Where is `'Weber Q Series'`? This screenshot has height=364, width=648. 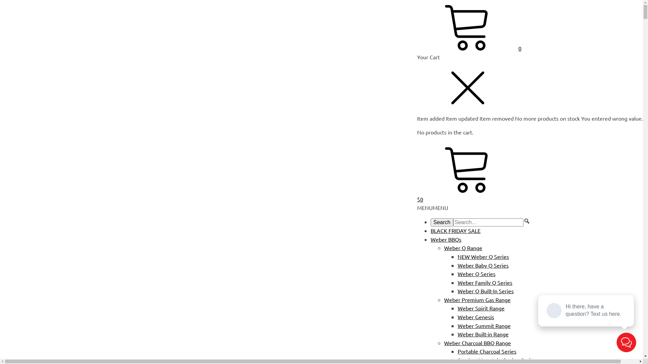 'Weber Q Series' is located at coordinates (458, 274).